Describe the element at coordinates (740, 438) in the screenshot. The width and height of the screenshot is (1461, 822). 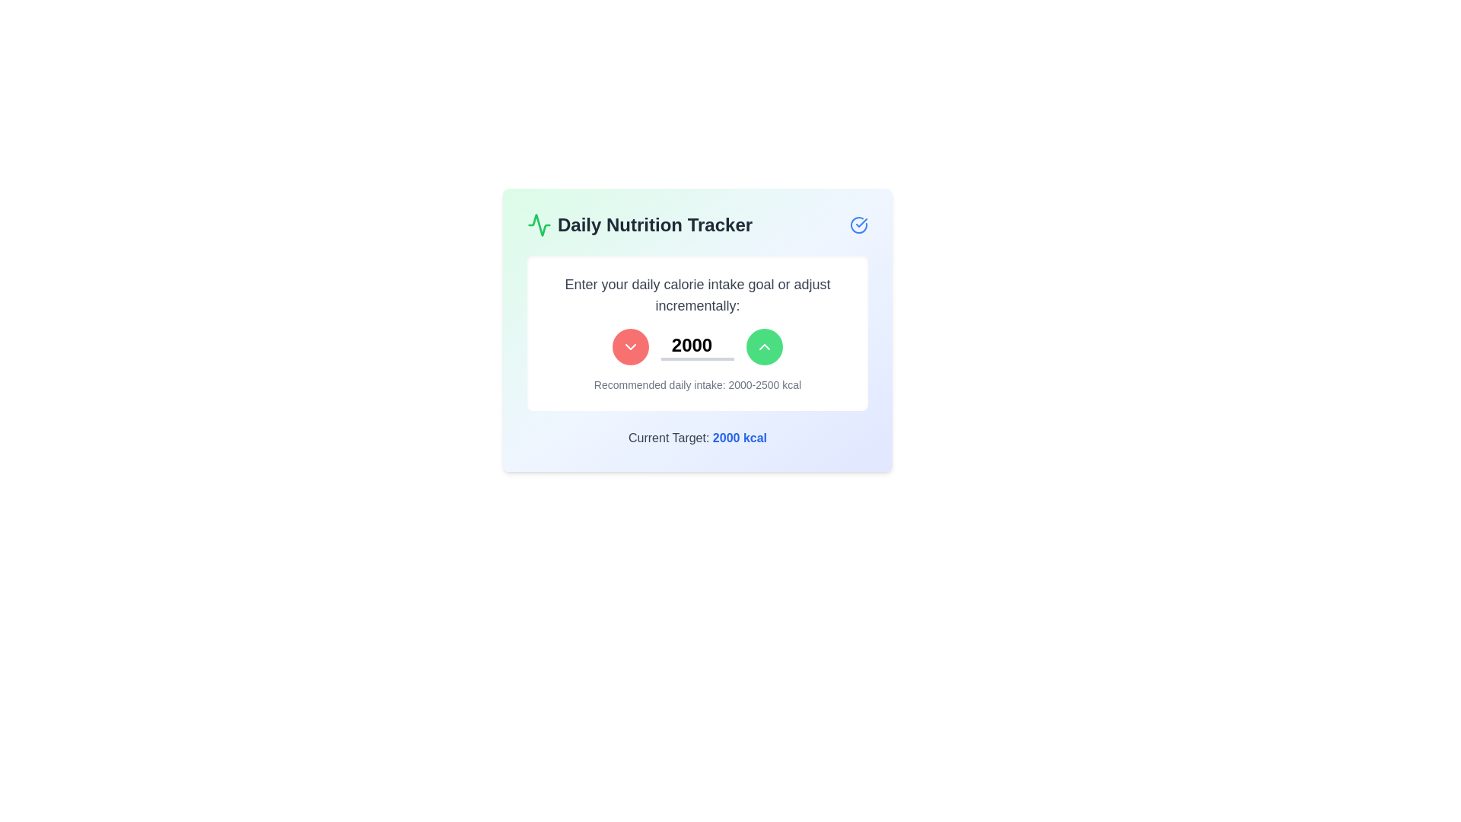
I see `the text element displaying 'Current Target: 2000 kcal', located at the lower right section of the card component` at that location.